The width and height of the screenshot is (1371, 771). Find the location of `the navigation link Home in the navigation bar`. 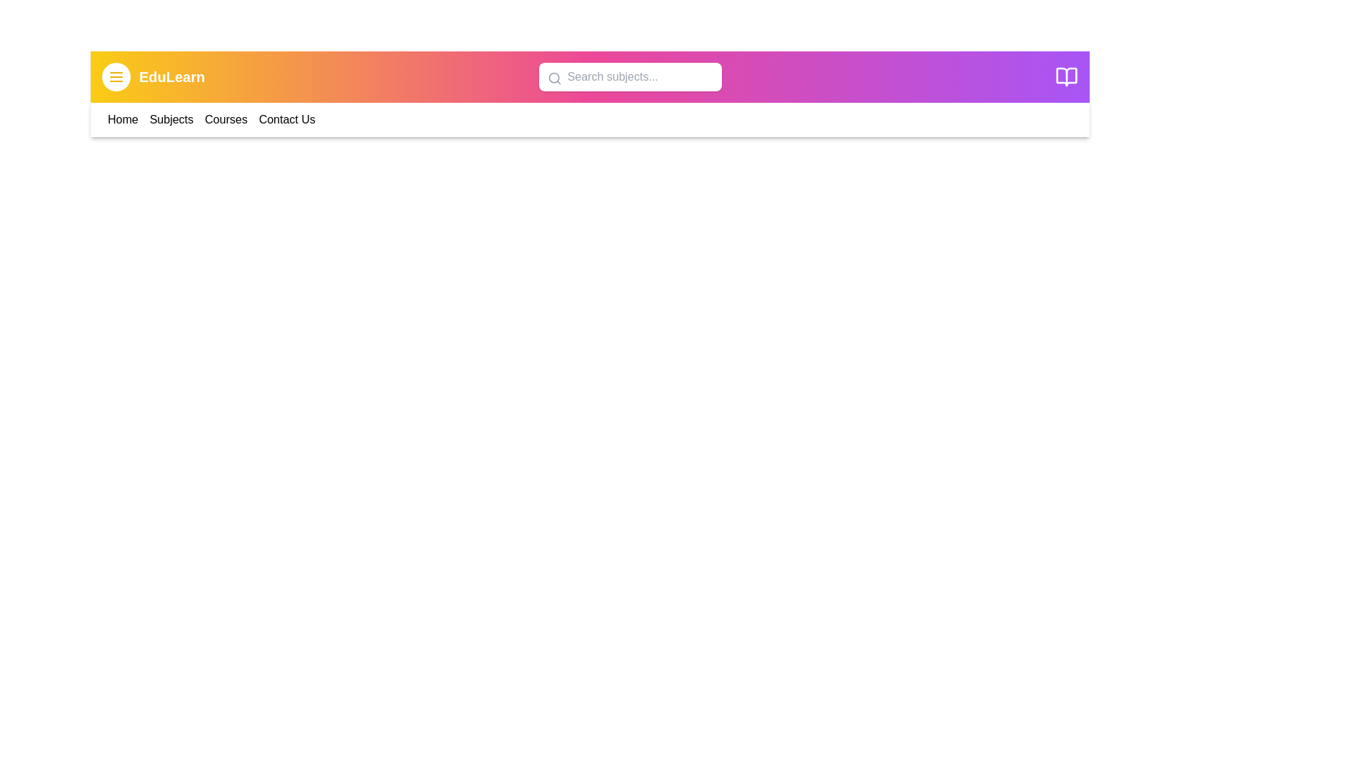

the navigation link Home in the navigation bar is located at coordinates (123, 119).